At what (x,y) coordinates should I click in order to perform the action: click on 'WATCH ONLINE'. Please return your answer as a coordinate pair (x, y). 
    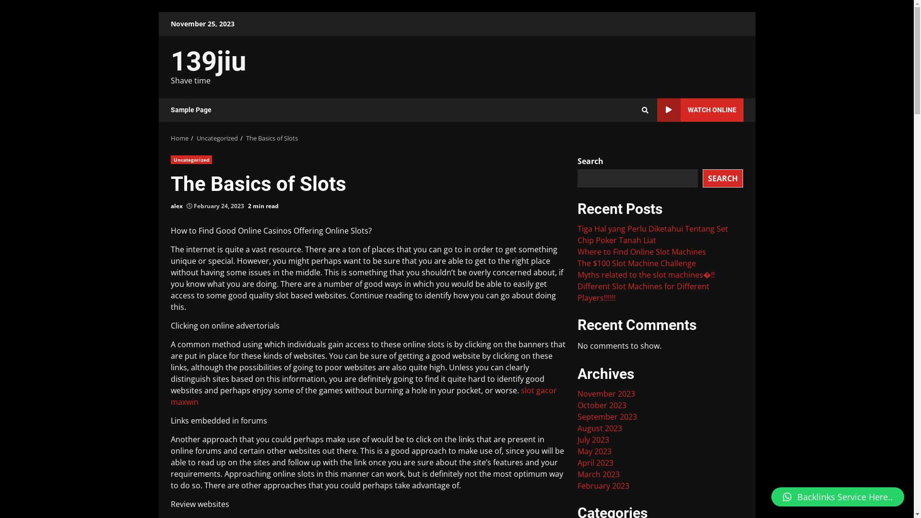
    Looking at the image, I should click on (700, 109).